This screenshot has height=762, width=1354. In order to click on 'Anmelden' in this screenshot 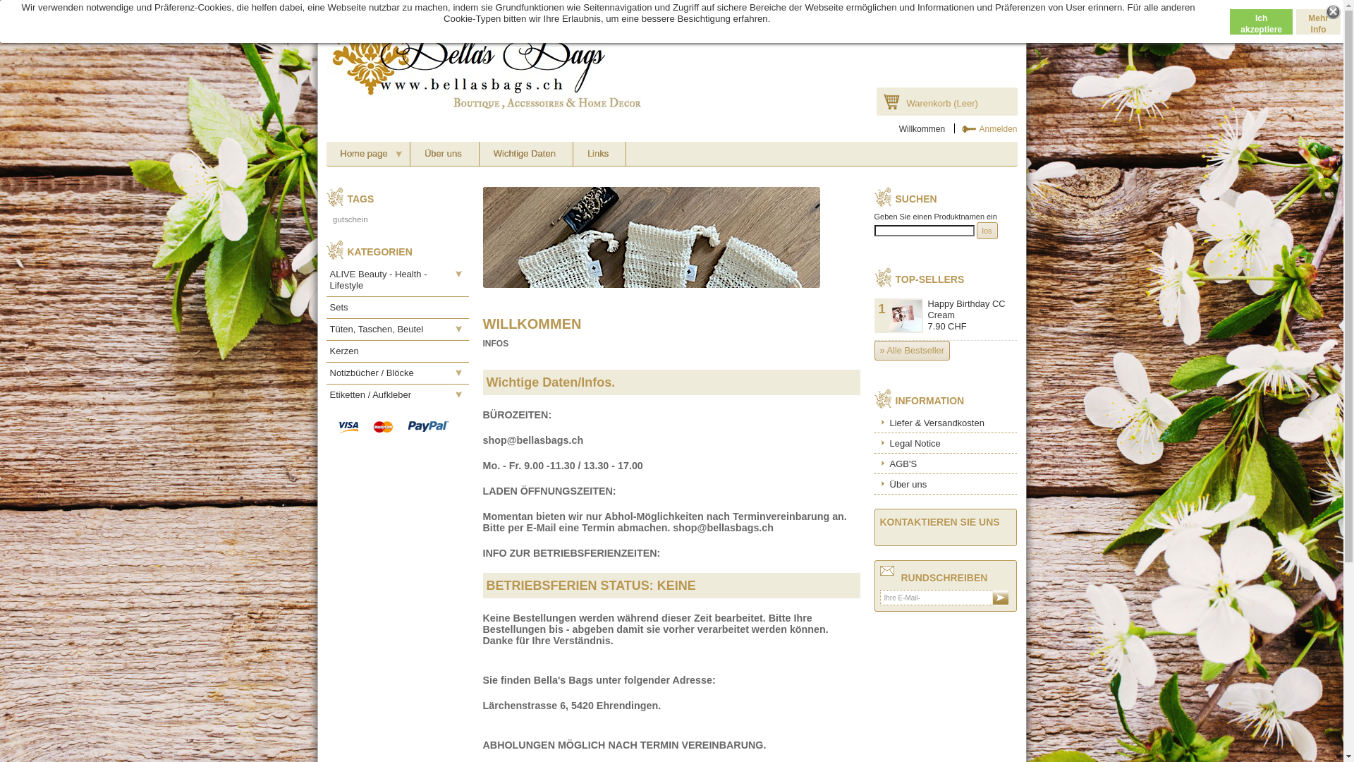, I will do `click(984, 128)`.